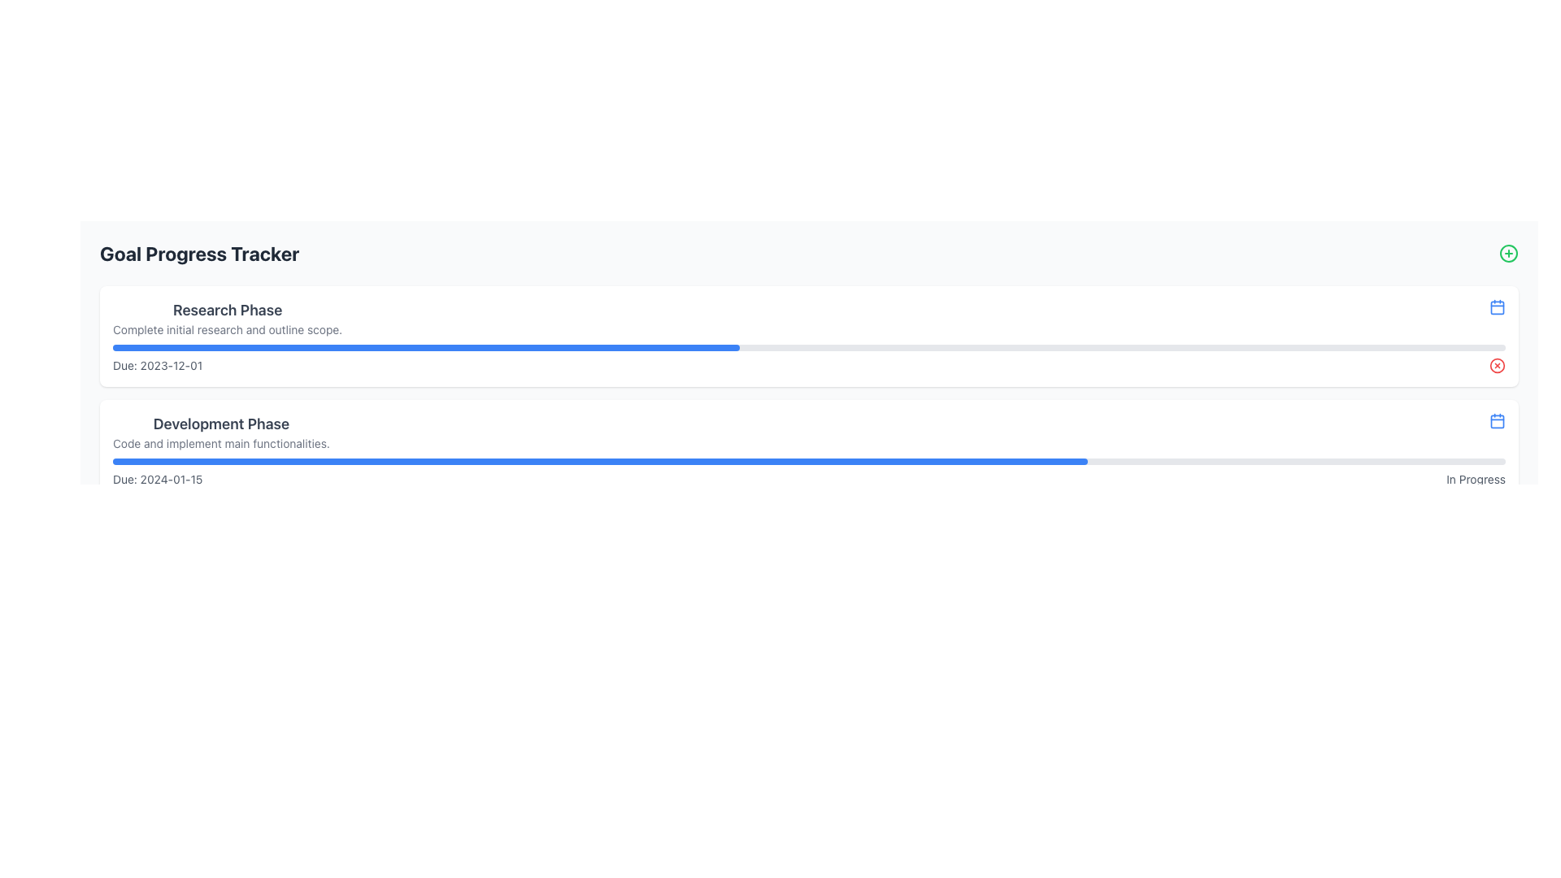  I want to click on the Decorative SVG rectangle component of the calendar icon, which is styled in blue and located at the right-hand end of a card component in a list, to indirectly activate related logic, so click(1497, 307).